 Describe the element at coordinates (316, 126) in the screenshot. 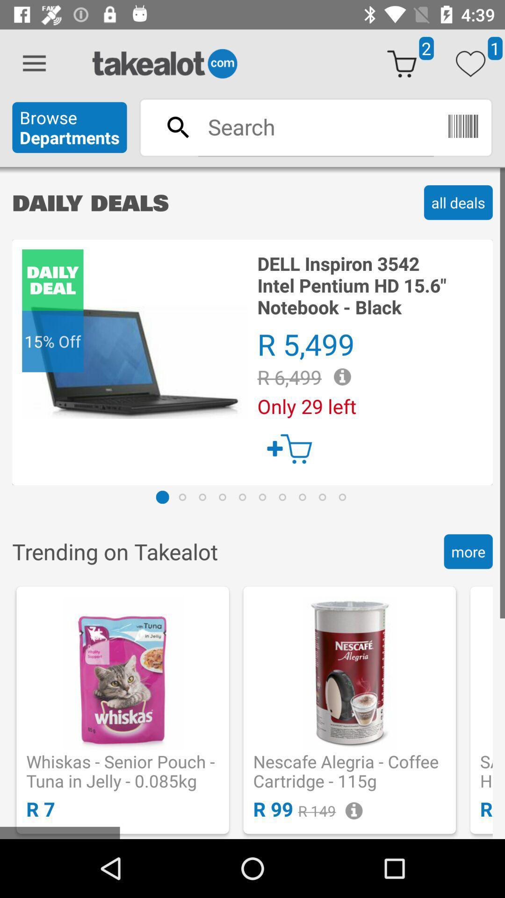

I see `search` at that location.